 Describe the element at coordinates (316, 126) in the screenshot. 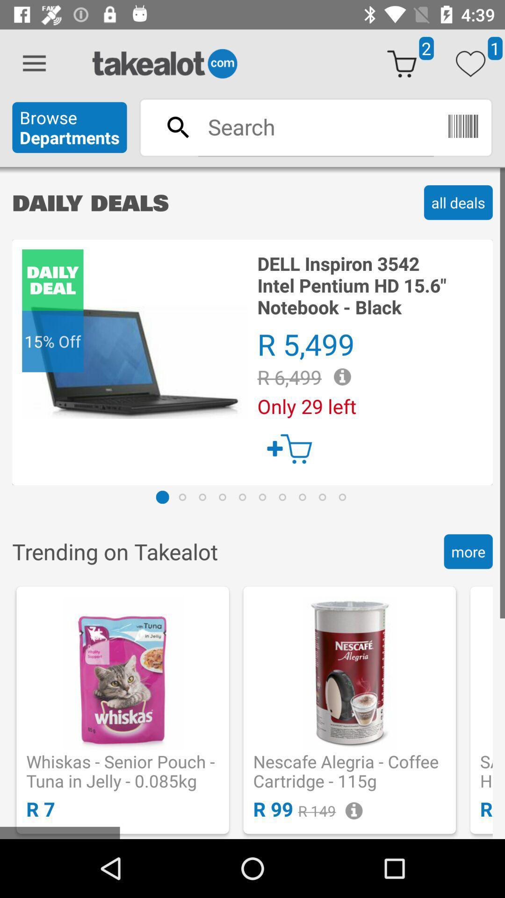

I see `search` at that location.